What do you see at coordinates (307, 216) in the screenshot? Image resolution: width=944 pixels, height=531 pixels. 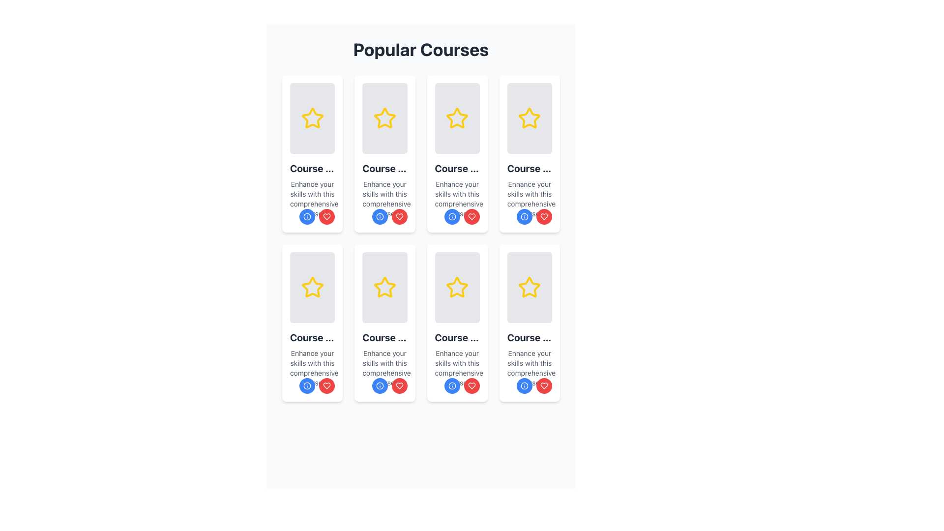 I see `the first informational button located at the bottom-center of the course card` at bounding box center [307, 216].